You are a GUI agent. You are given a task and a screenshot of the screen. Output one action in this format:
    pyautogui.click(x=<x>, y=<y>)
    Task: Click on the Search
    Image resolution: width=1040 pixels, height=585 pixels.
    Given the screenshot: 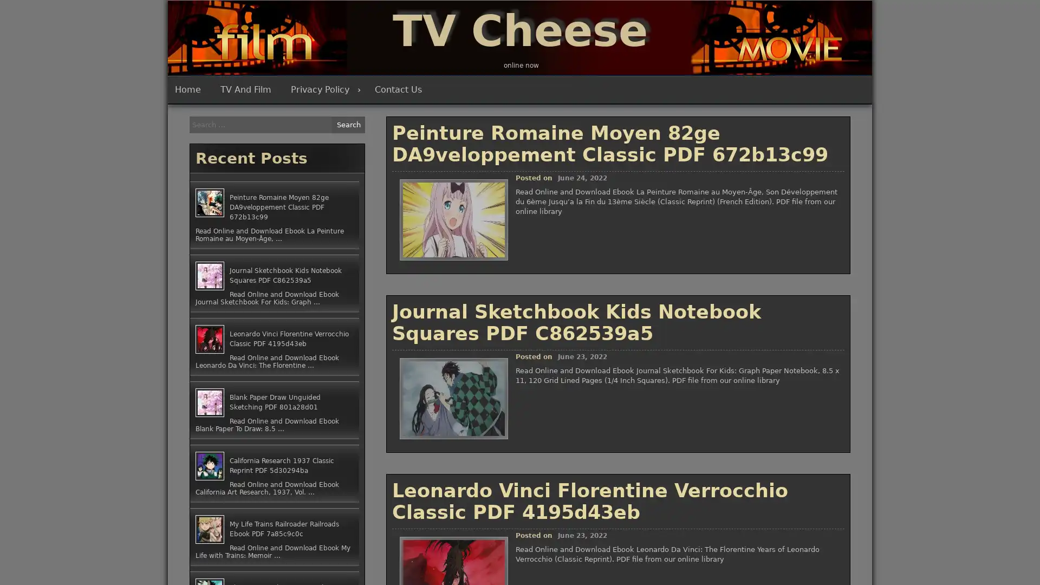 What is the action you would take?
    pyautogui.click(x=348, y=124)
    